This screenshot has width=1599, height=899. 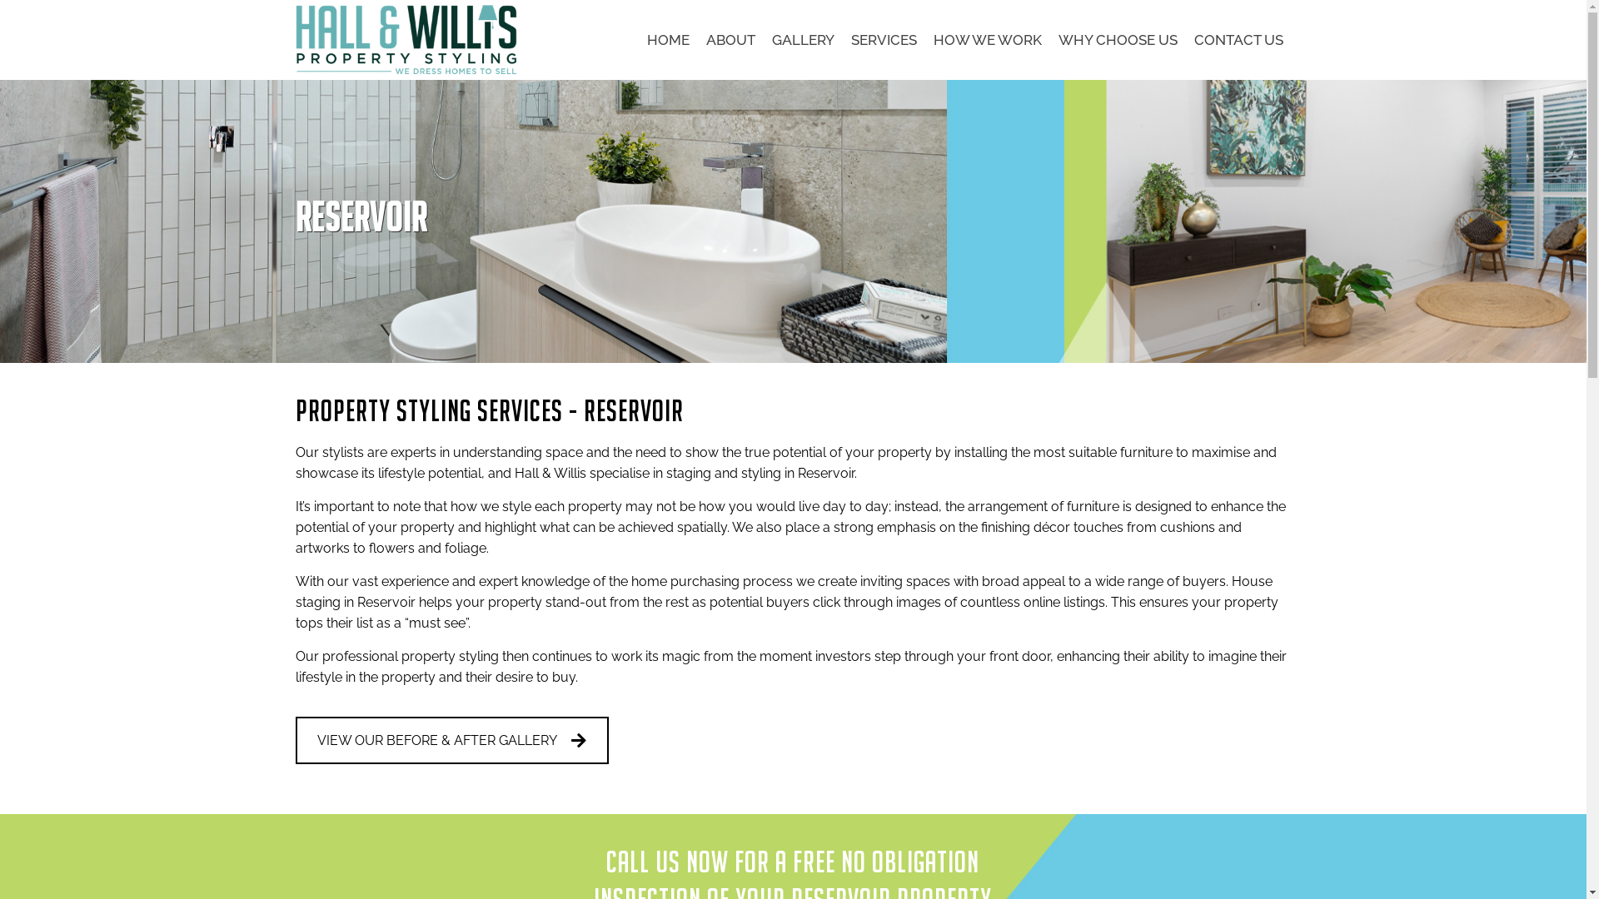 What do you see at coordinates (667, 38) in the screenshot?
I see `'HOME'` at bounding box center [667, 38].